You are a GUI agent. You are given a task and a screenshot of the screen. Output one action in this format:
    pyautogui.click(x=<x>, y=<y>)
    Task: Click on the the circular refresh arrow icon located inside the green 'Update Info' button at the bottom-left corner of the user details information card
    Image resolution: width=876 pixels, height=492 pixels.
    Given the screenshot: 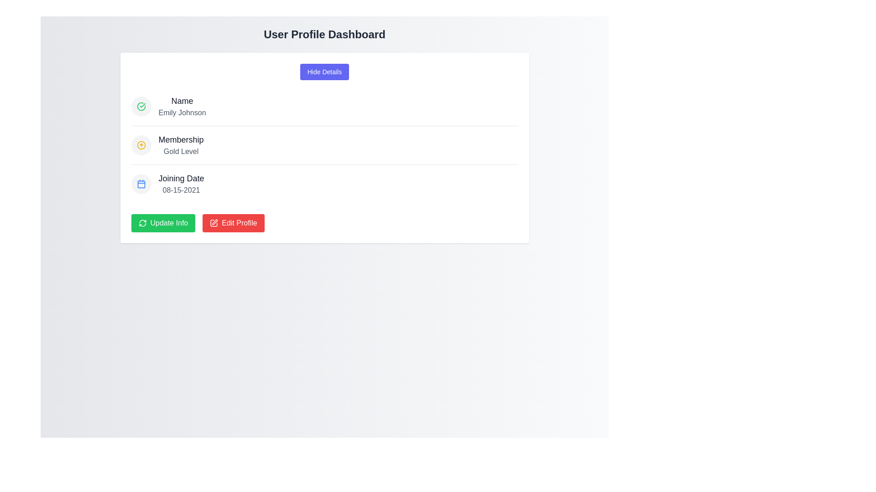 What is the action you would take?
    pyautogui.click(x=142, y=223)
    